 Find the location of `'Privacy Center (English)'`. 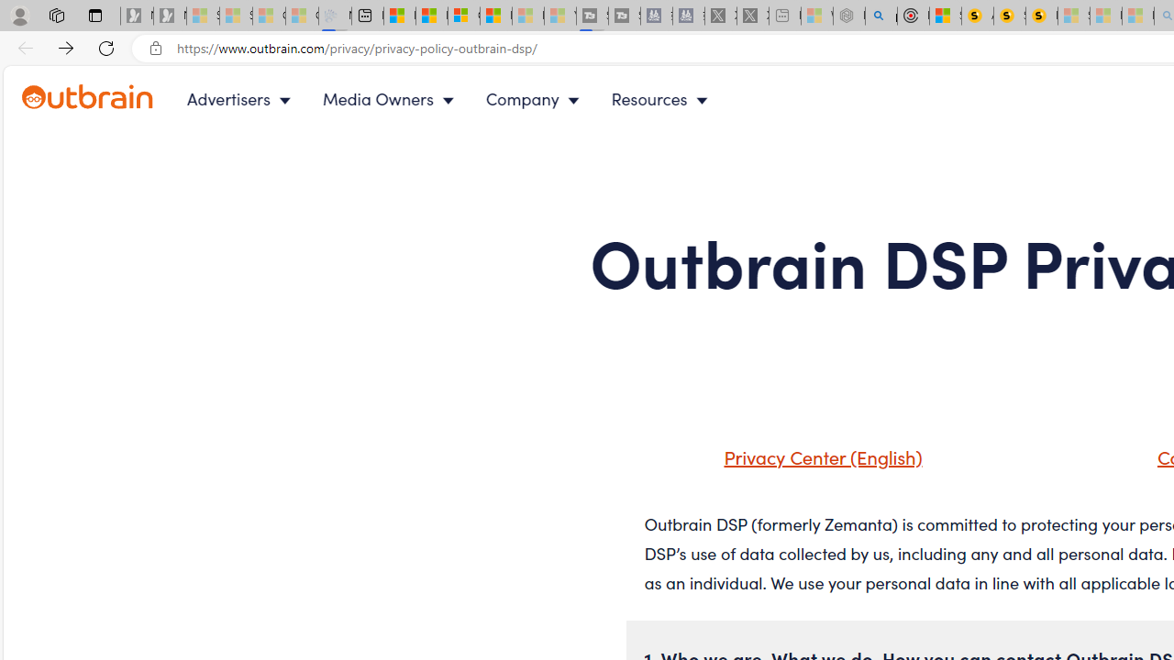

'Privacy Center (English)' is located at coordinates (800, 462).